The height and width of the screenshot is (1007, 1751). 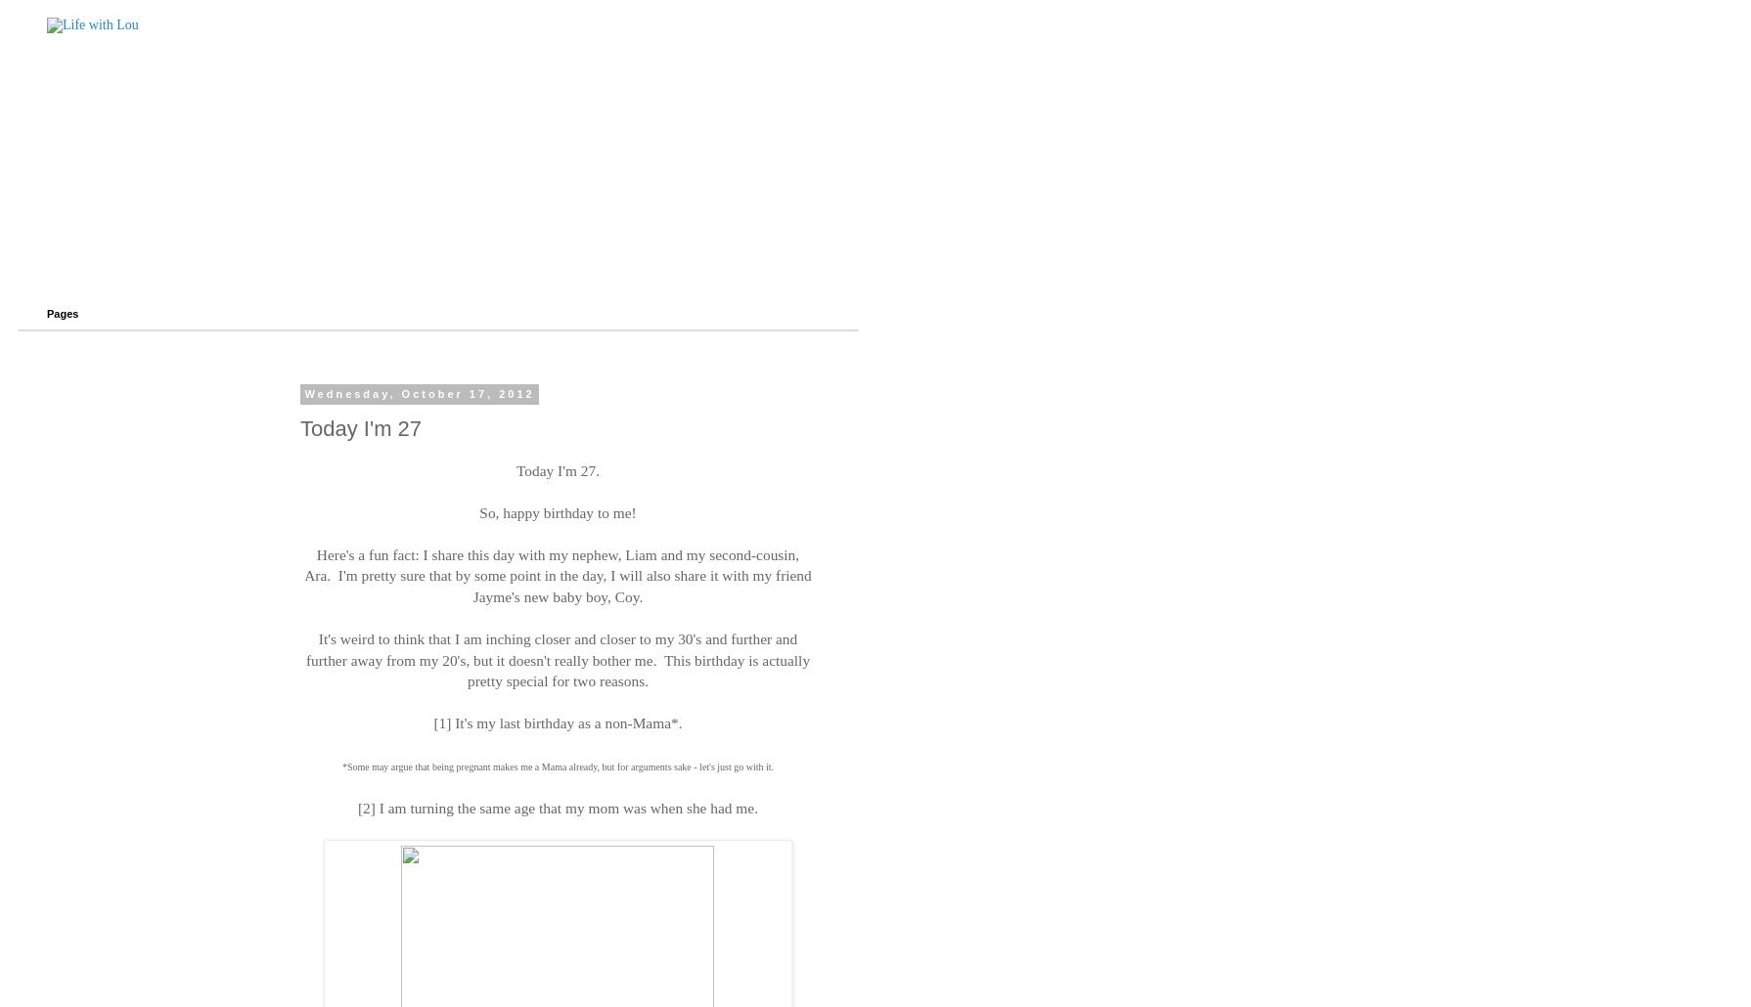 I want to click on 'Today I'm 27', so click(x=360, y=426).